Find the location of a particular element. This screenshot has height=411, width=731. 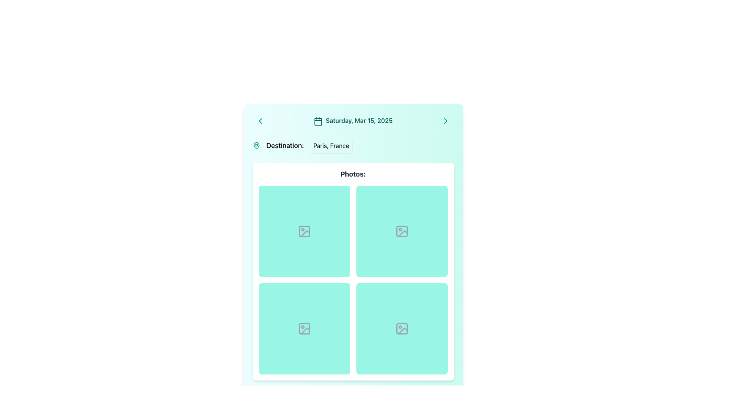

the minimalist teal calendar icon located to the left of the text 'Saturday, Mar 15, 2025' is located at coordinates (318, 121).